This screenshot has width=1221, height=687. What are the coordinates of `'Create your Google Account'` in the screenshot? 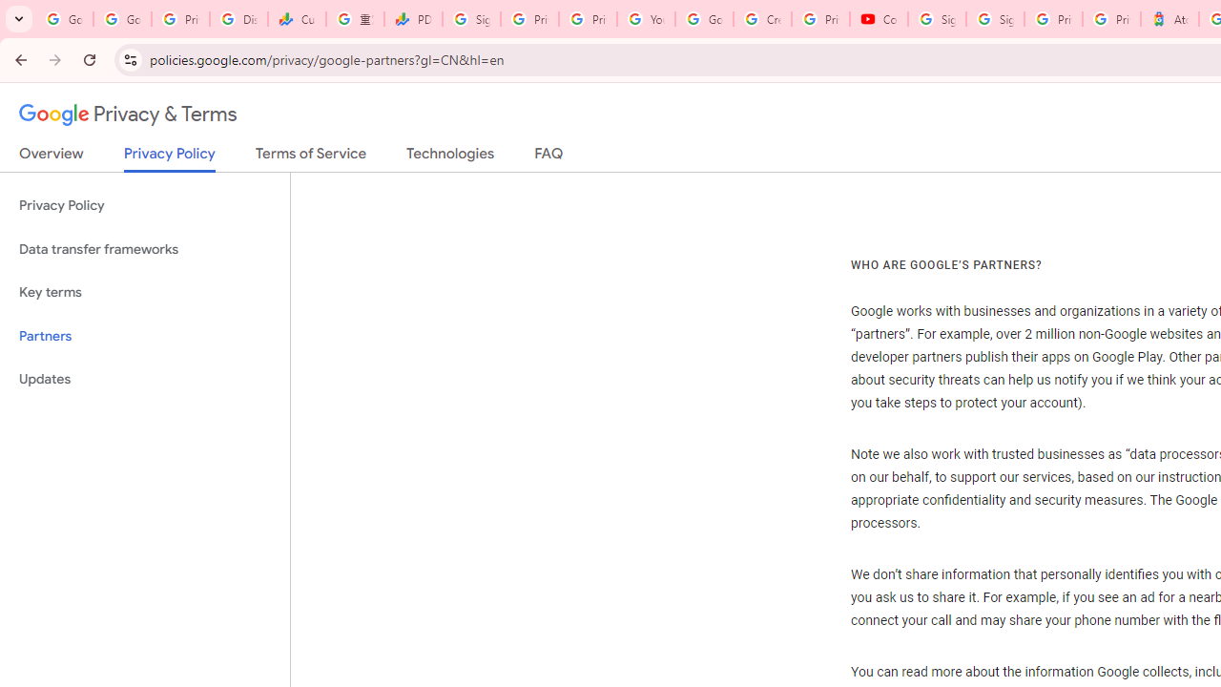 It's located at (761, 19).